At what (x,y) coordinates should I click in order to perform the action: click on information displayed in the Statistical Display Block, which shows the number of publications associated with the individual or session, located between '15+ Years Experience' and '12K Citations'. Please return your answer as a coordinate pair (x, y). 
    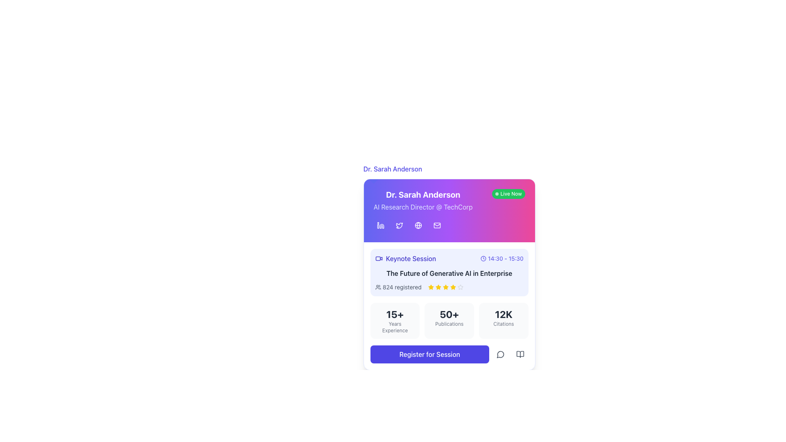
    Looking at the image, I should click on (449, 320).